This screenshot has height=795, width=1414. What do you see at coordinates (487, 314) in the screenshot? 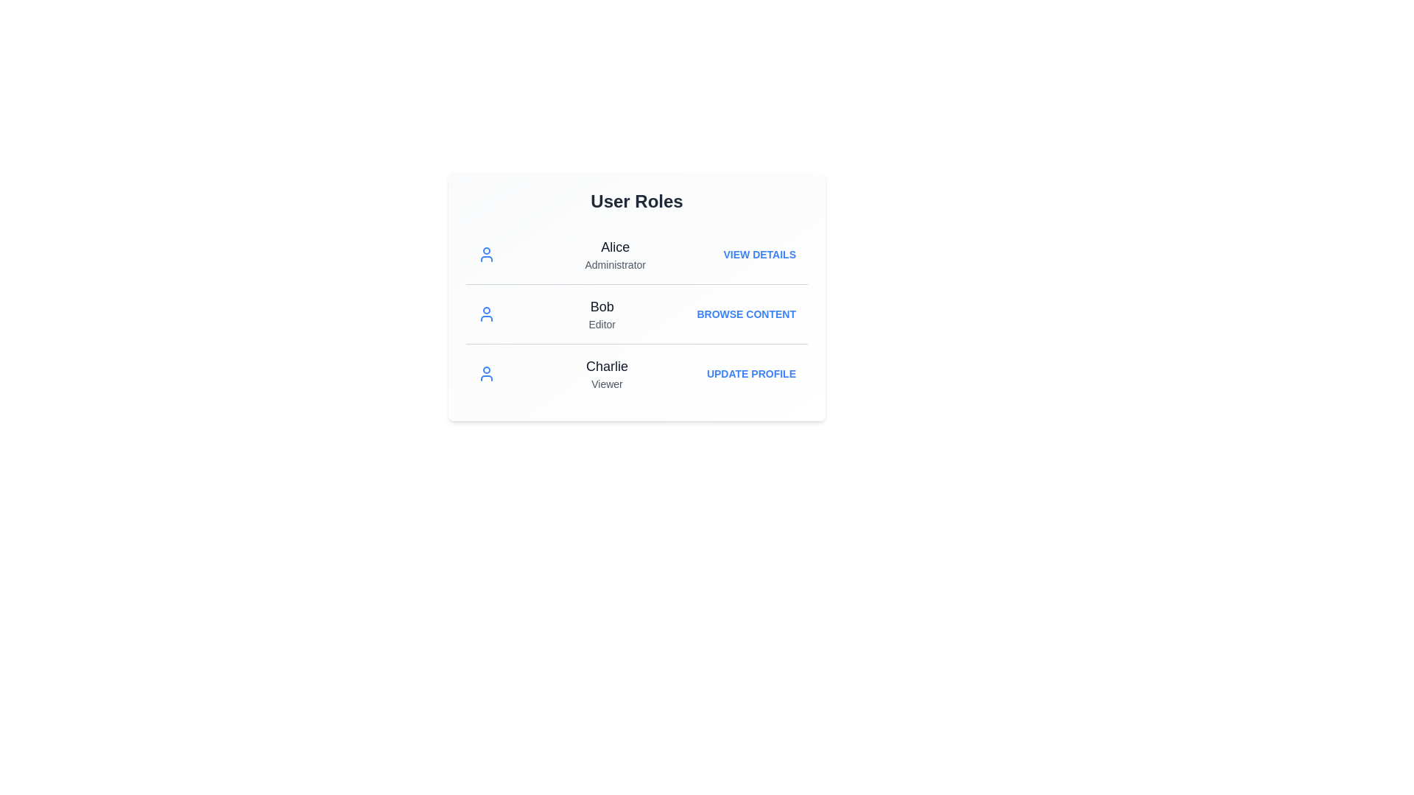
I see `the user icon representing 'Bob', which is a blue icon with a round border located to the left of the text 'BobEditorBrowse Content'` at bounding box center [487, 314].